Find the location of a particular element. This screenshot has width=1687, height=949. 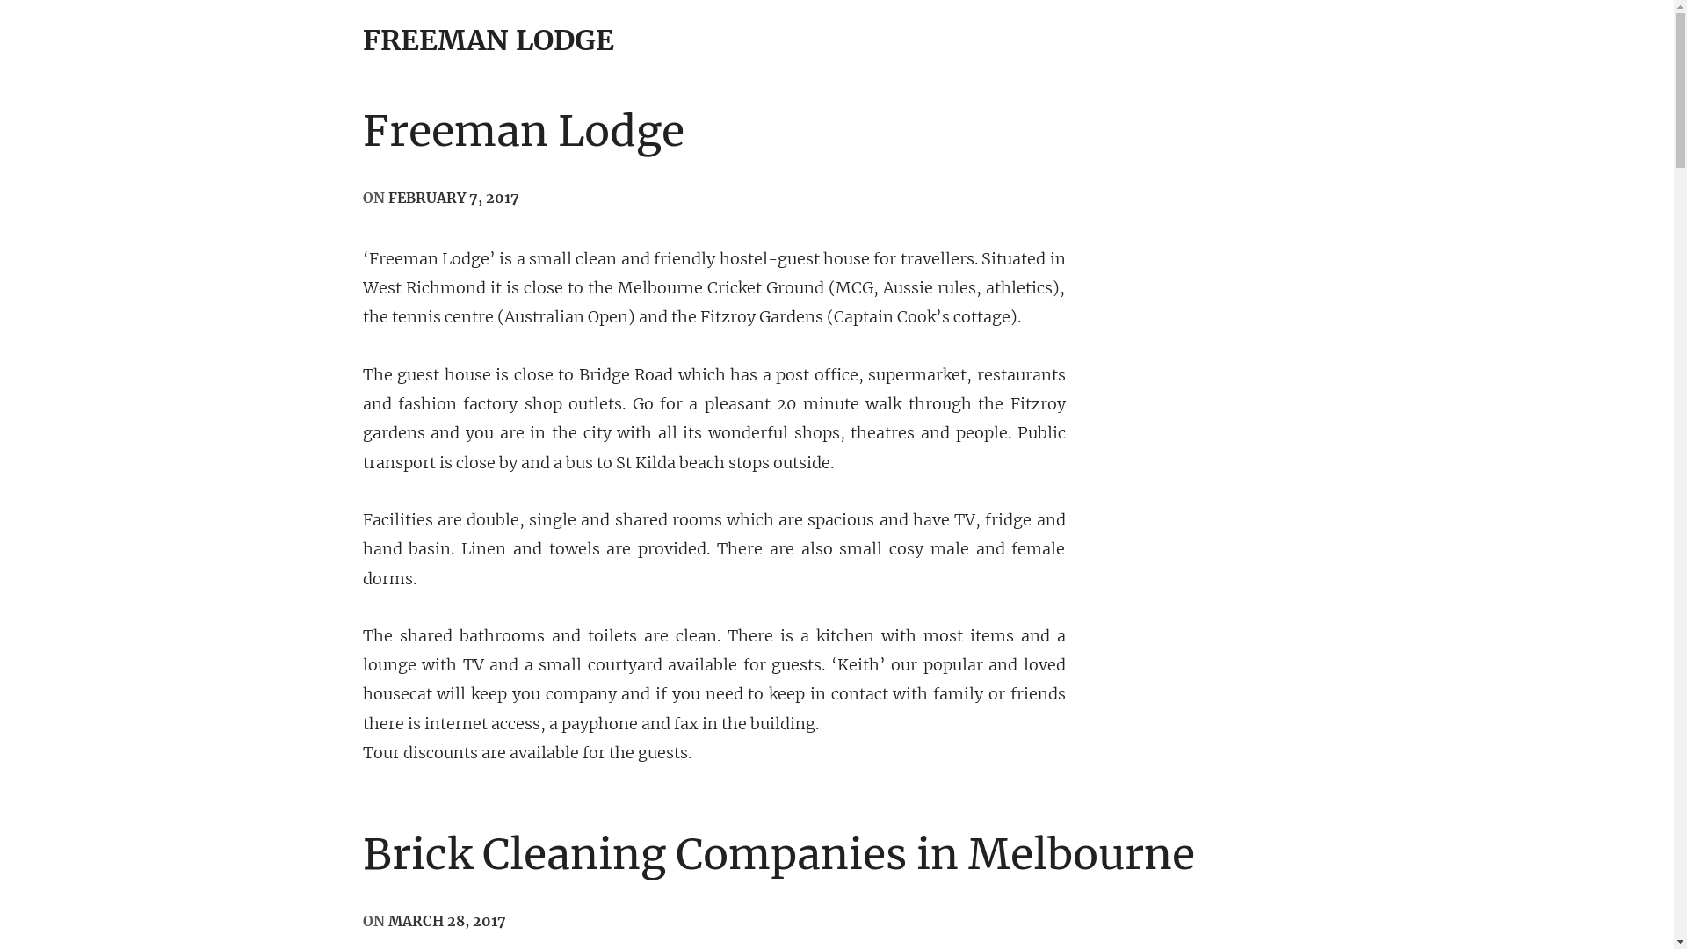

'FREEMAN LODGE' is located at coordinates (488, 40).